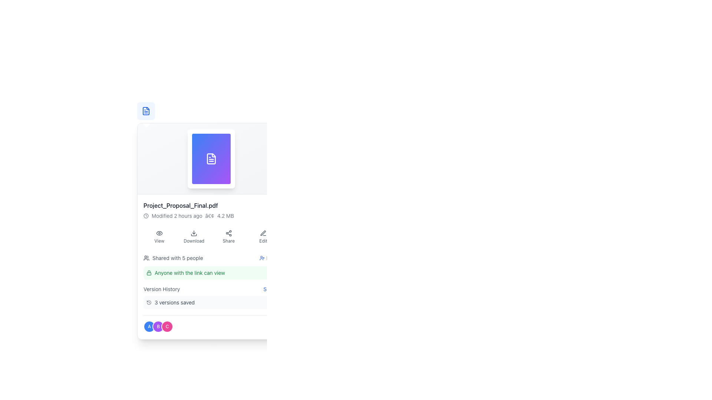  What do you see at coordinates (263, 237) in the screenshot?
I see `the 'Edit' button, which has a pen icon above the text in gray font, located at the bottom right of the card containing file details` at bounding box center [263, 237].